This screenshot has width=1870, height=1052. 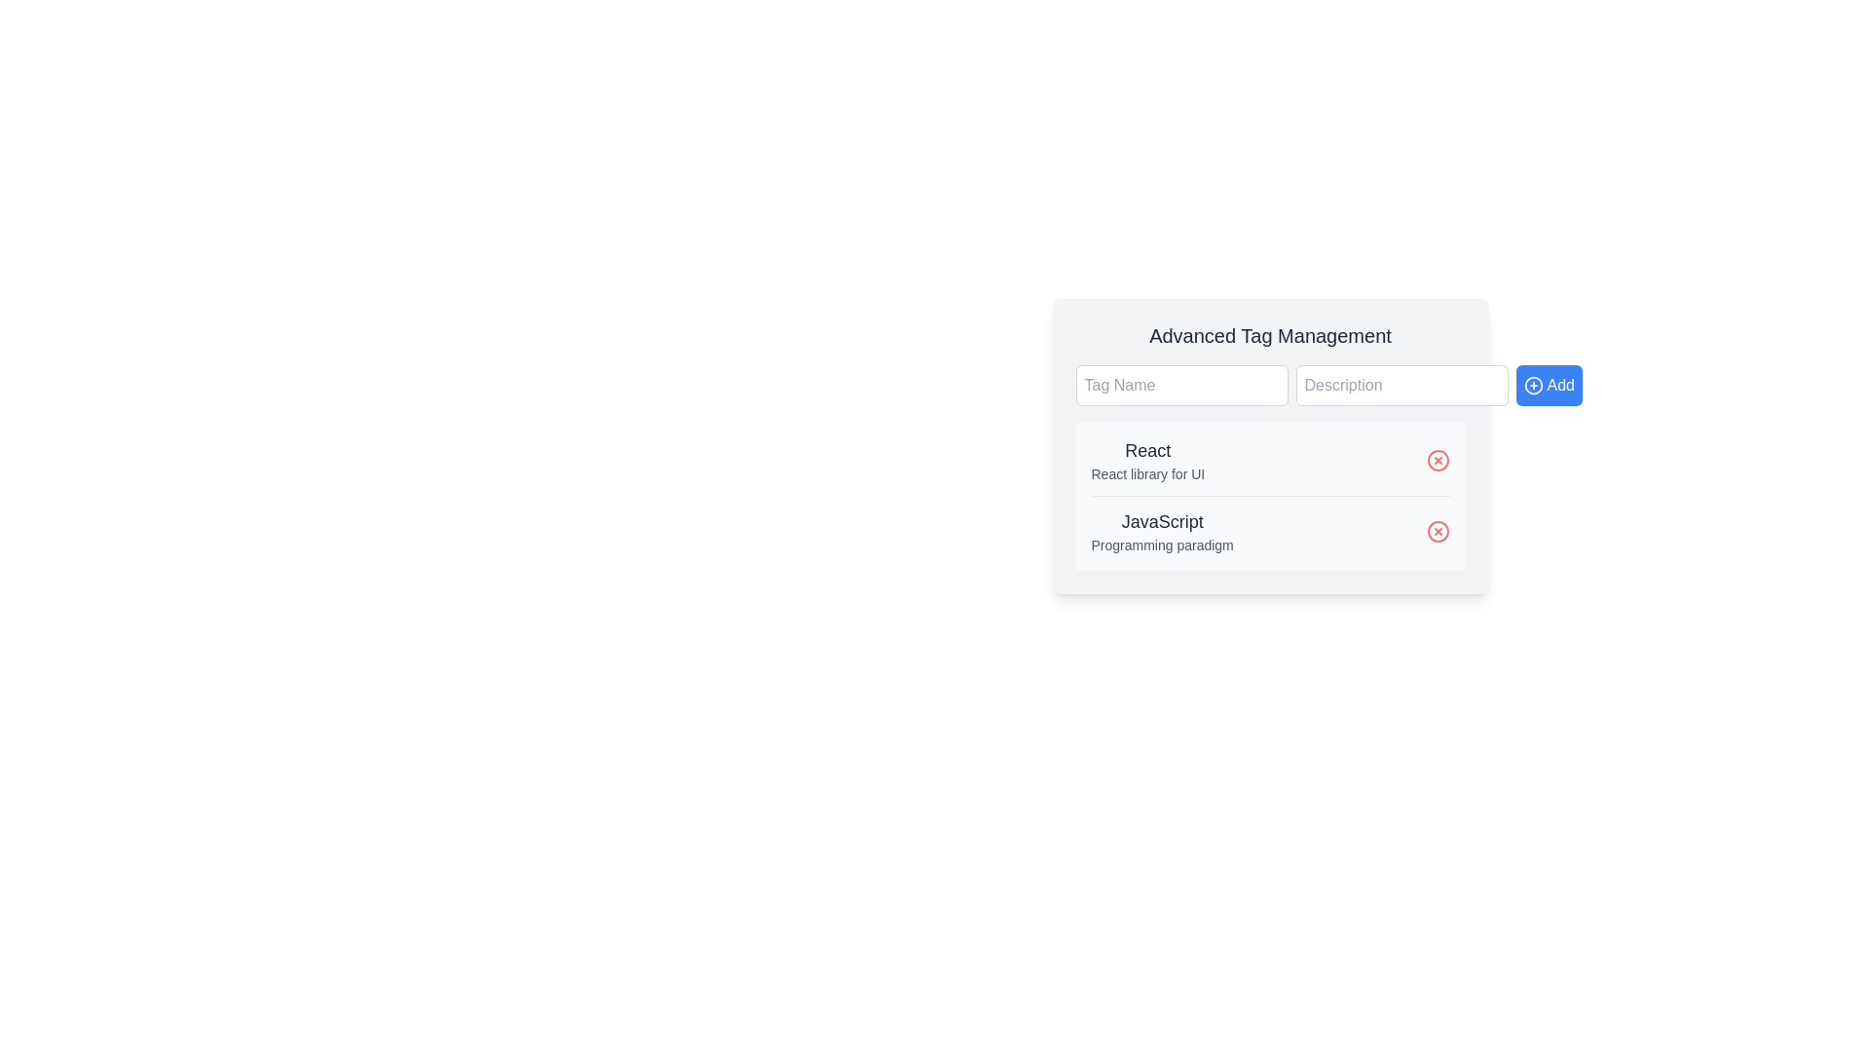 What do you see at coordinates (1162, 532) in the screenshot?
I see `the 'JavaScript' text label for accessibility tools` at bounding box center [1162, 532].